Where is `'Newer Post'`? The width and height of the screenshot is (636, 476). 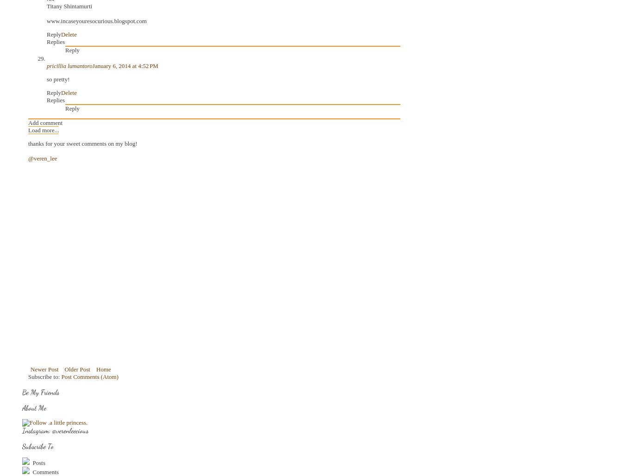 'Newer Post' is located at coordinates (44, 369).